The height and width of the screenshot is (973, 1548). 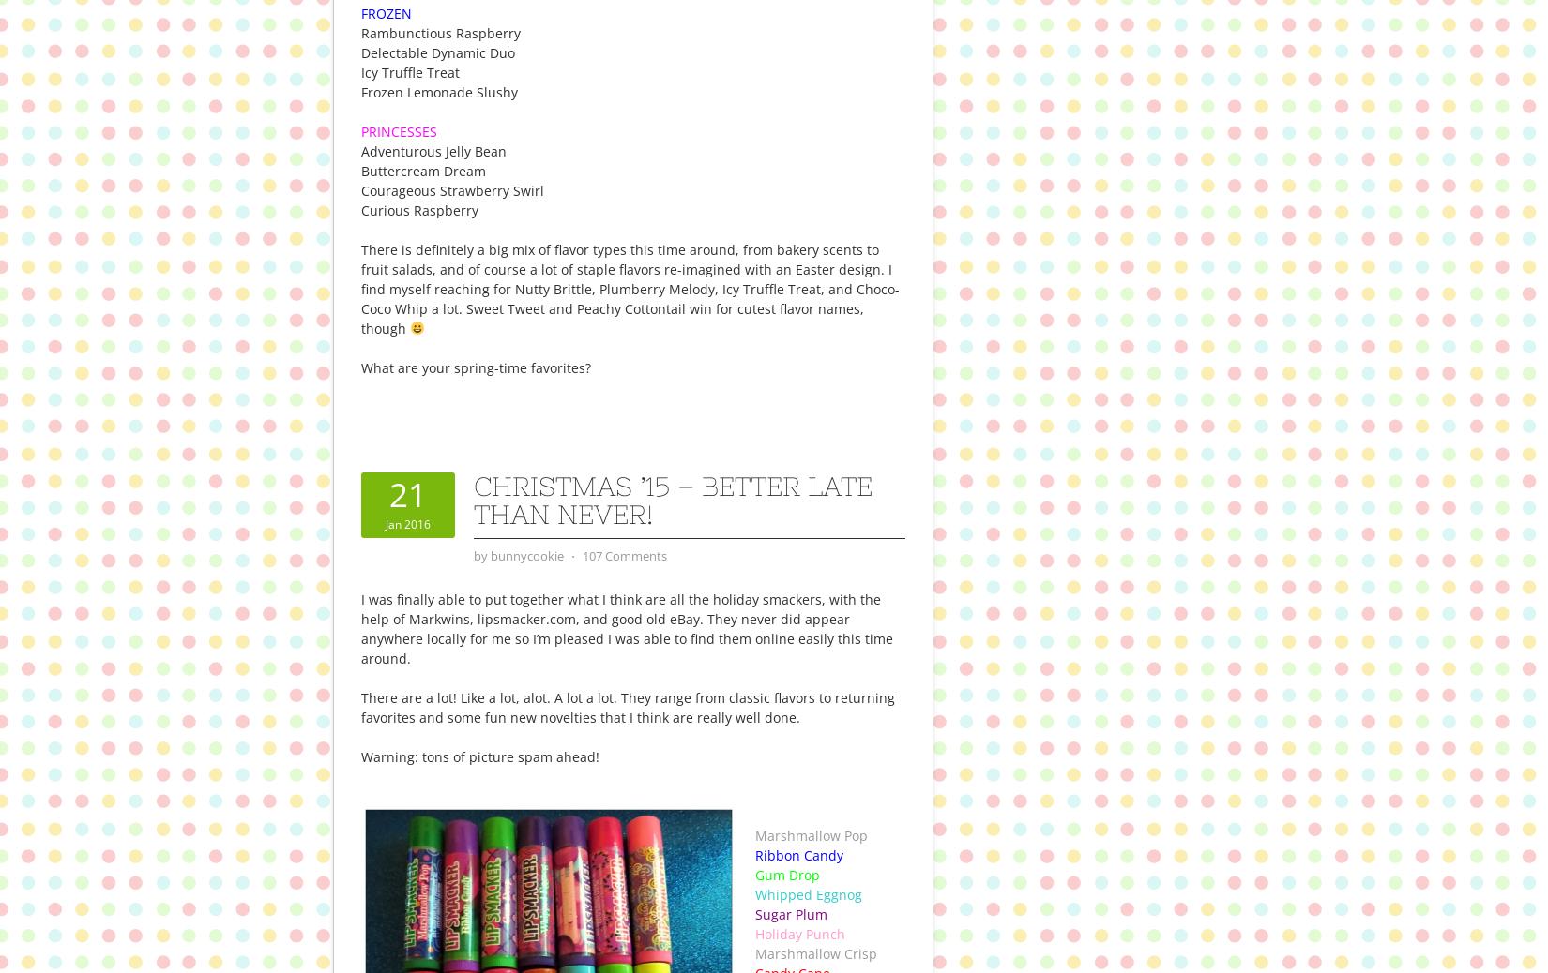 What do you see at coordinates (360, 367) in the screenshot?
I see `'What are your spring-time favorites?'` at bounding box center [360, 367].